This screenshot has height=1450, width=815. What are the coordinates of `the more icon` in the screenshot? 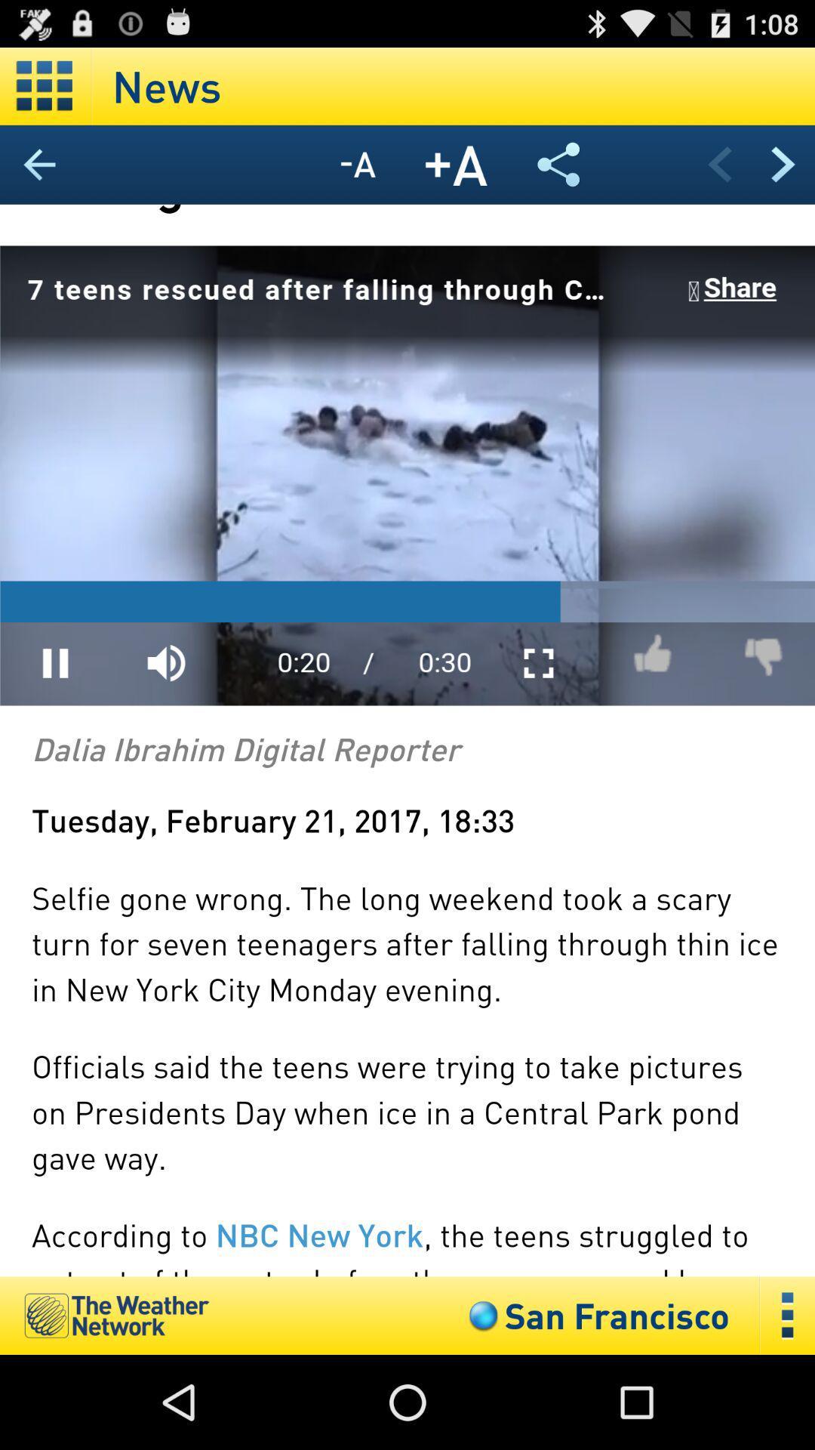 It's located at (787, 1407).